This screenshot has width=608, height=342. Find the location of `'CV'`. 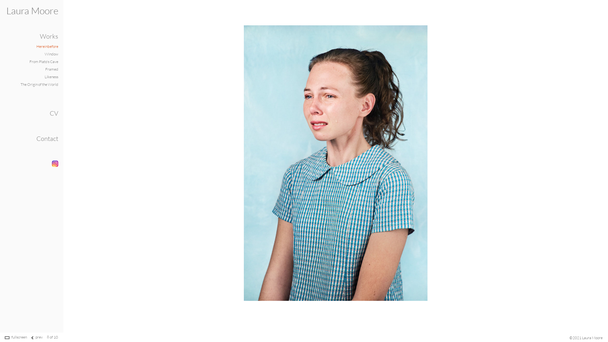

'CV' is located at coordinates (54, 113).